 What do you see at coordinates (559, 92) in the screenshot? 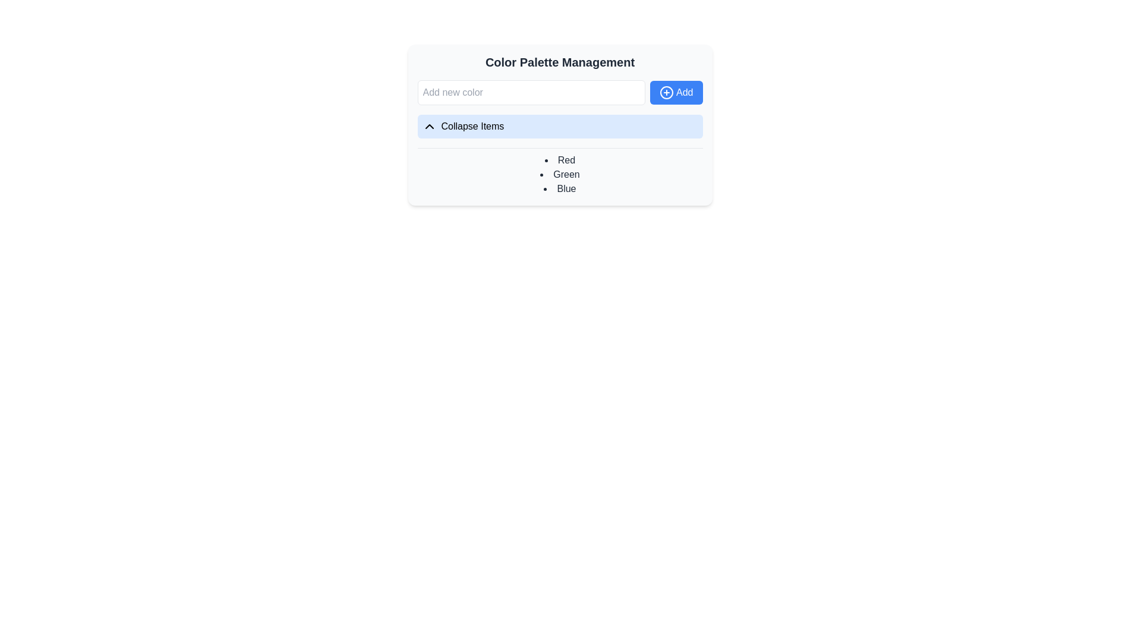
I see `the input field labeled 'Add new color' which is part of the input box with an adjacent blue button featuring a '+' icon` at bounding box center [559, 92].